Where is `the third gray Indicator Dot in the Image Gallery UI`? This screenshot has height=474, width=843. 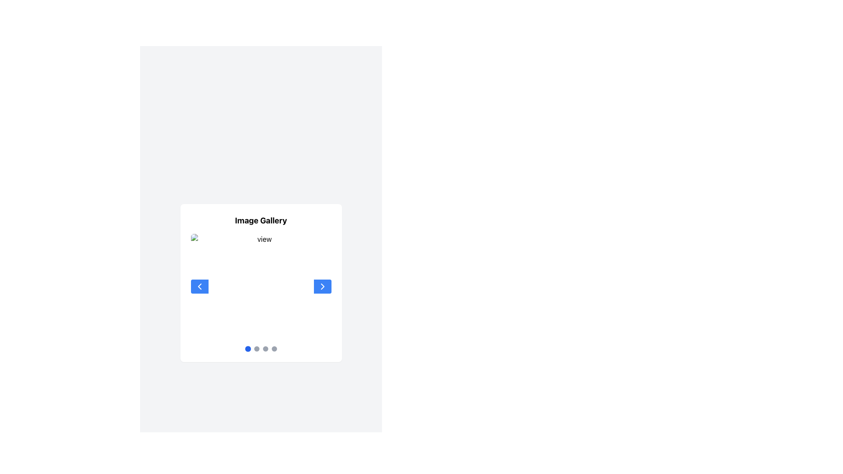 the third gray Indicator Dot in the Image Gallery UI is located at coordinates (265, 348).